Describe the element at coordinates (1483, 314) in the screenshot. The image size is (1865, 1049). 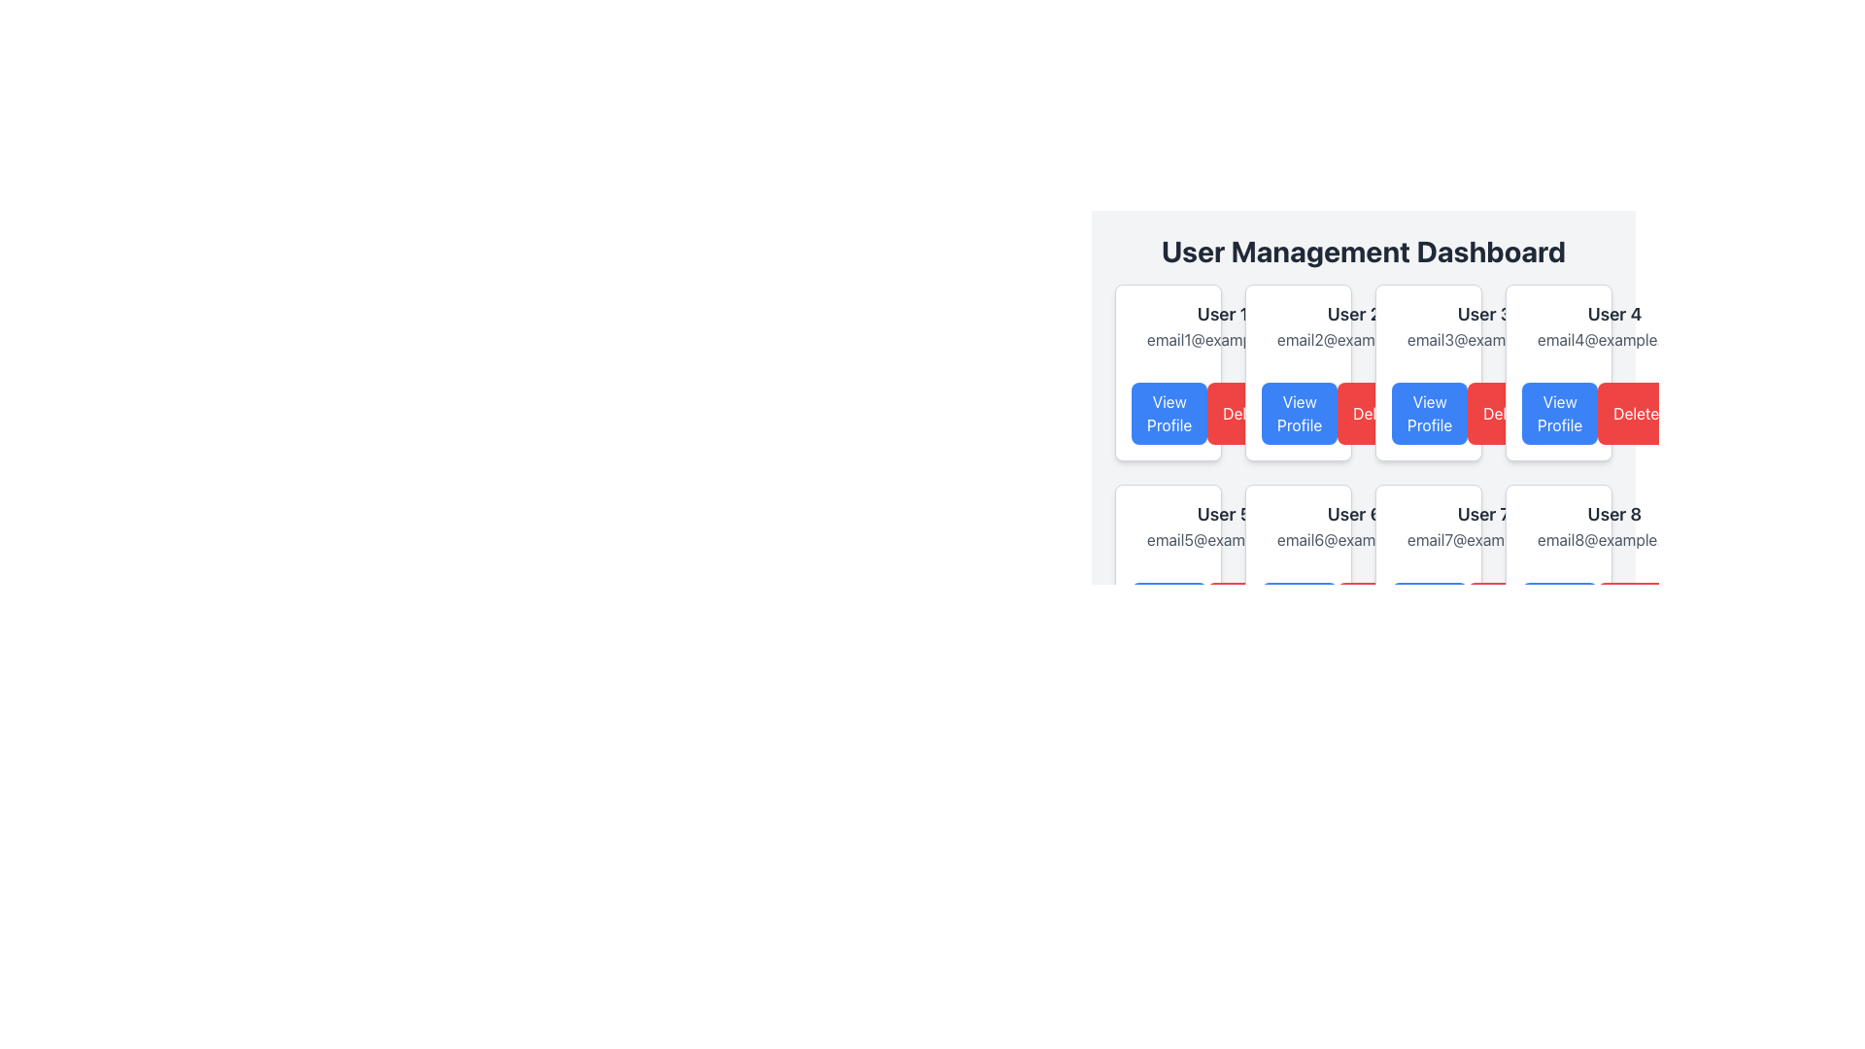
I see `the 'User 3' text label, which is prominently displayed in a large, bold, dark font within the third user card in the top row of the user management dashboard` at that location.